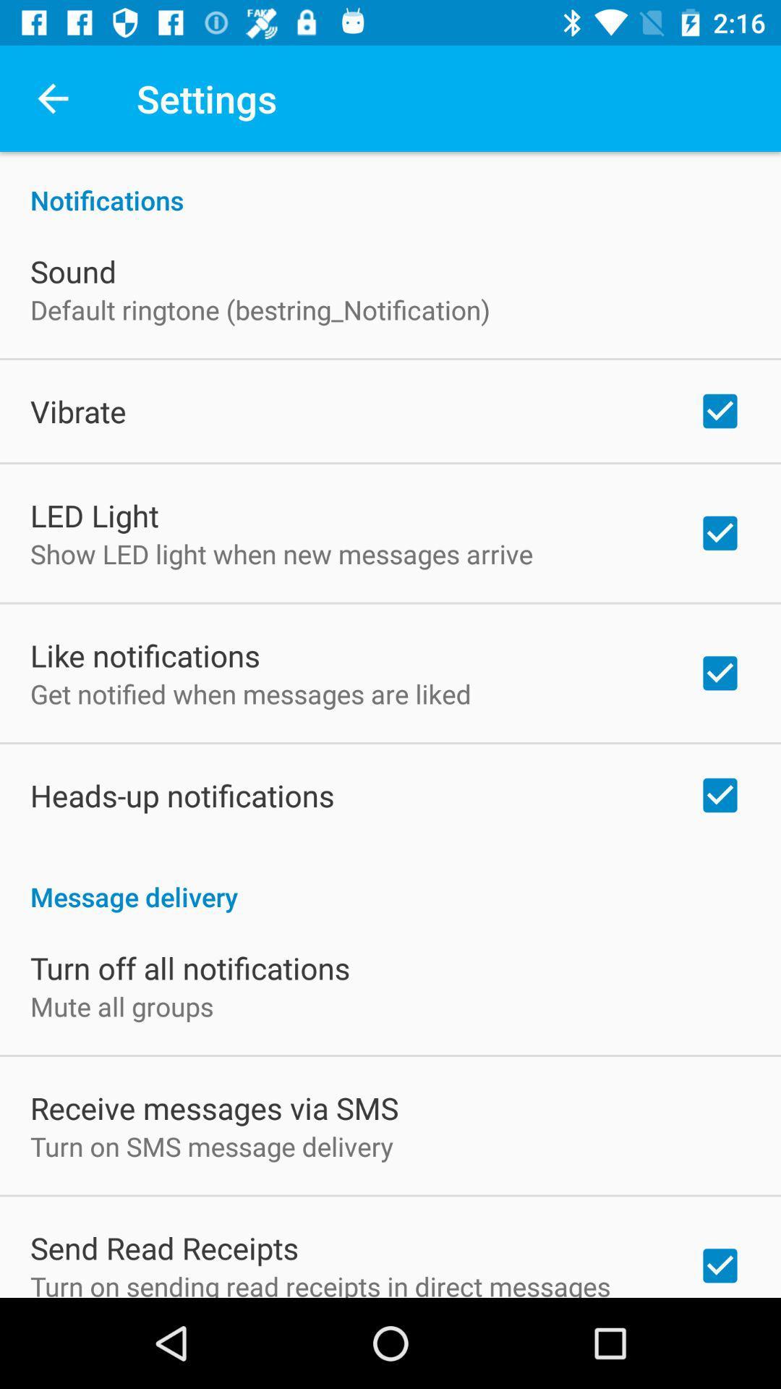 The width and height of the screenshot is (781, 1389). Describe the element at coordinates (189, 968) in the screenshot. I see `icon below message delivery` at that location.